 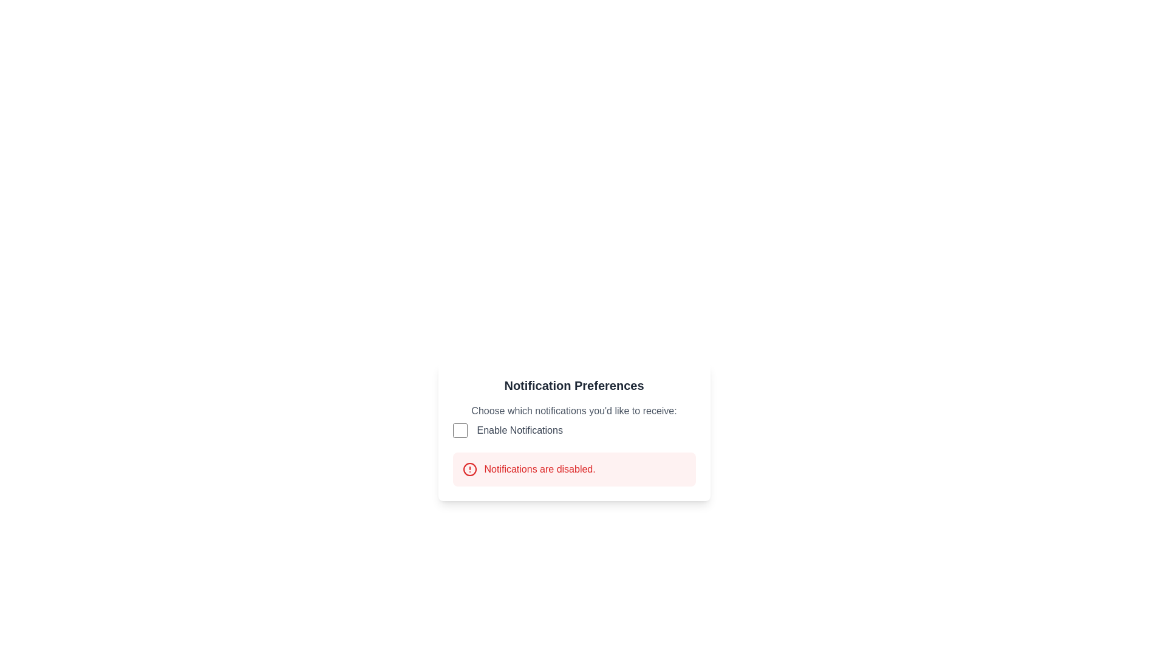 I want to click on the static text label that reads 'Choose which notifications you'd like to receive:', which is styled in gray and positioned above the checkbox for enabling notifications, so click(x=573, y=411).